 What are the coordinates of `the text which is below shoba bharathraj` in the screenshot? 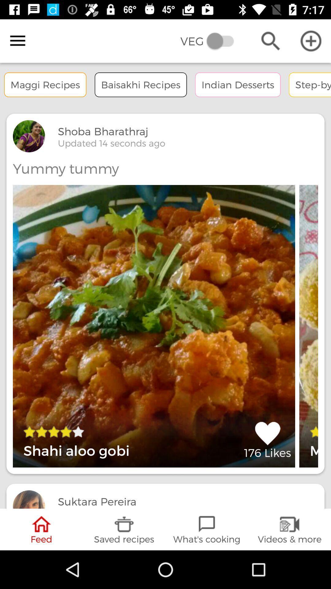 It's located at (111, 143).